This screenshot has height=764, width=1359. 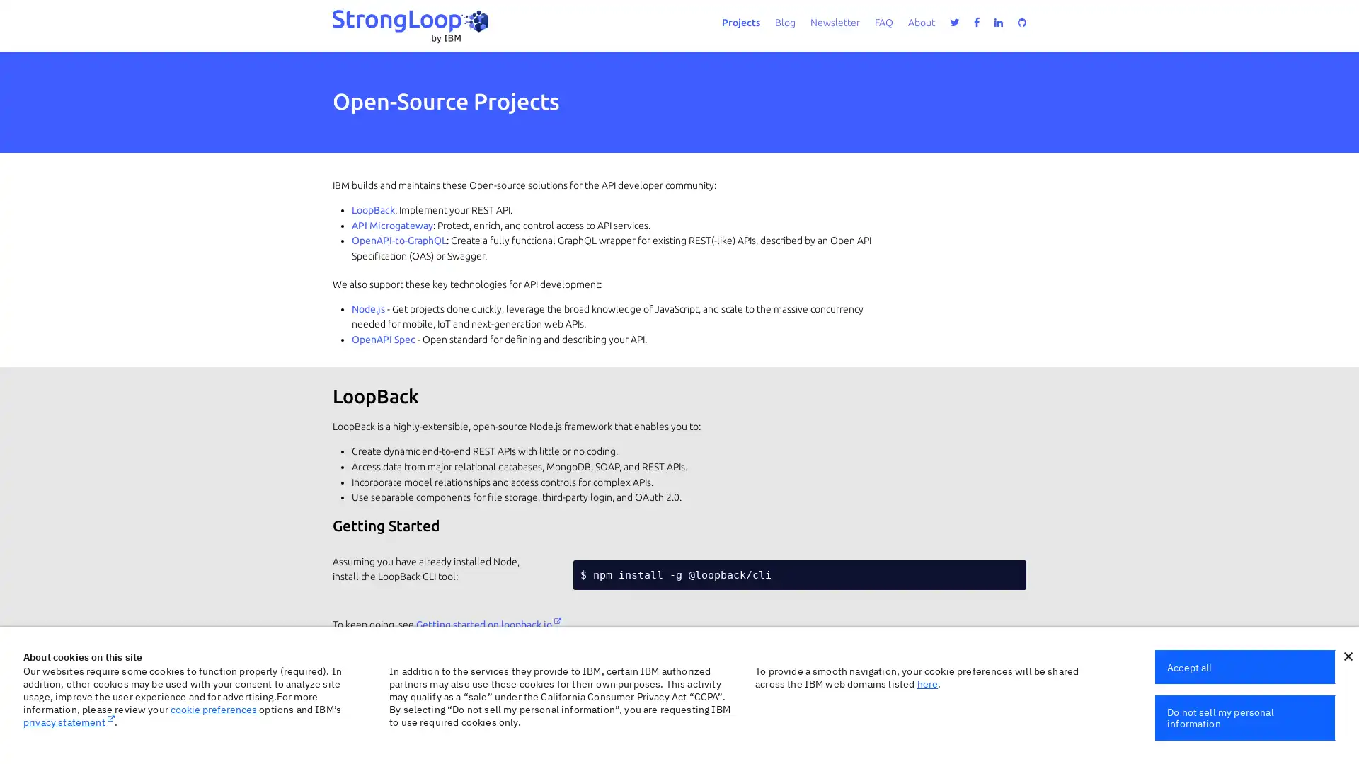 I want to click on Do not sell my personal information, so click(x=1244, y=717).